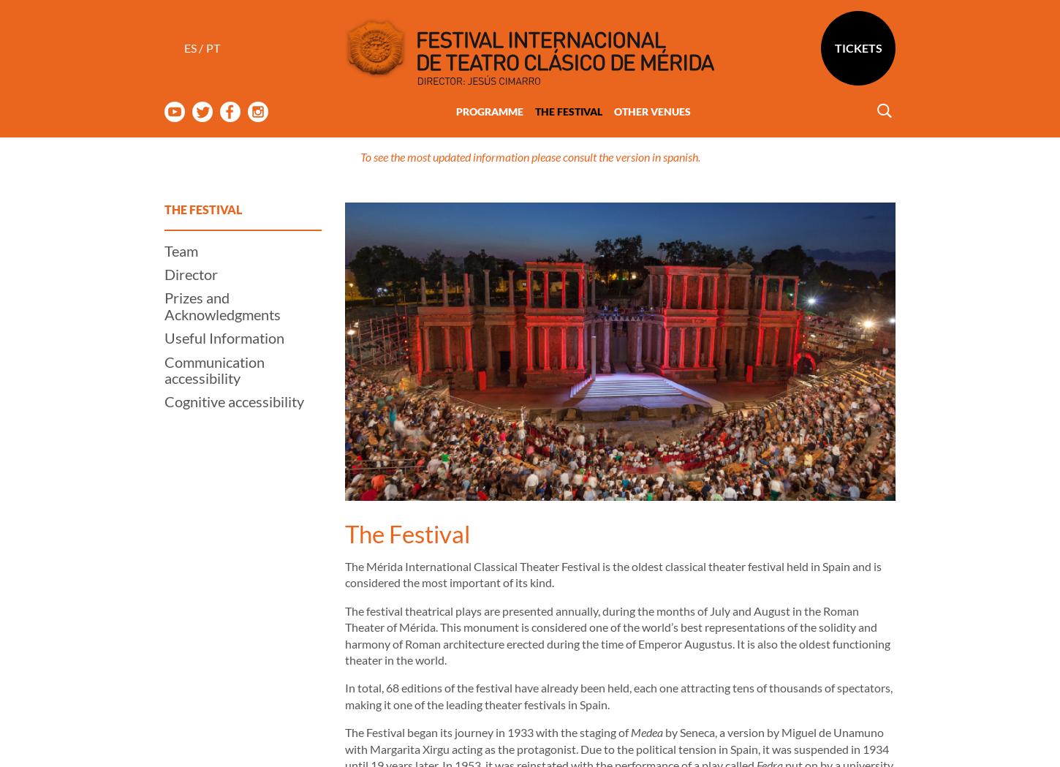 Image resolution: width=1060 pixels, height=767 pixels. I want to click on 'Oedipus', so click(708, 750).